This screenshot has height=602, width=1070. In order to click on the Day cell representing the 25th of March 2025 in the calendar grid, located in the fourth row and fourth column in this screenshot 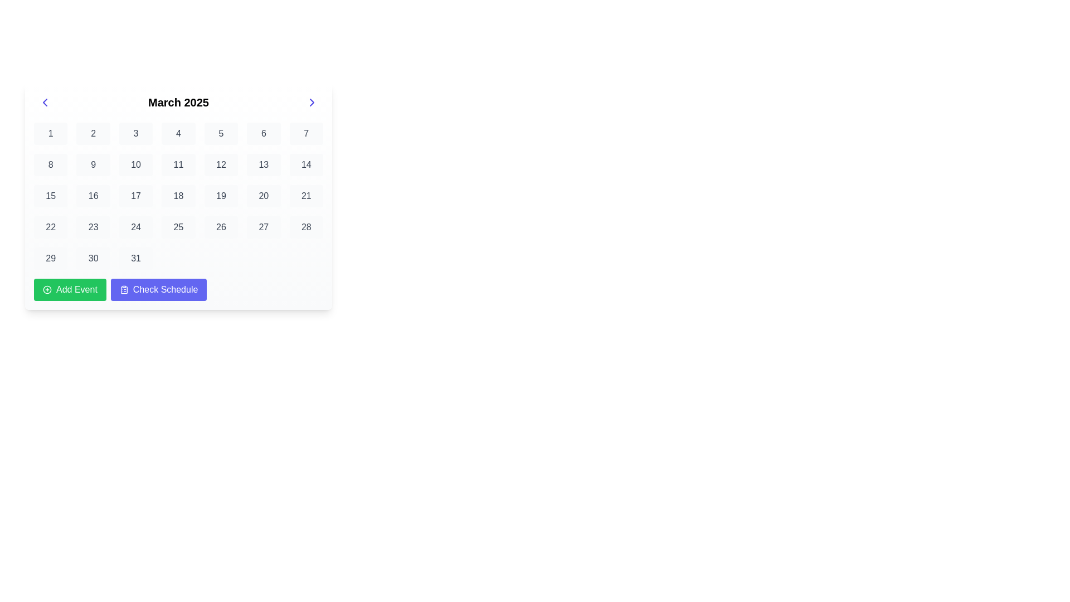, I will do `click(178, 227)`.